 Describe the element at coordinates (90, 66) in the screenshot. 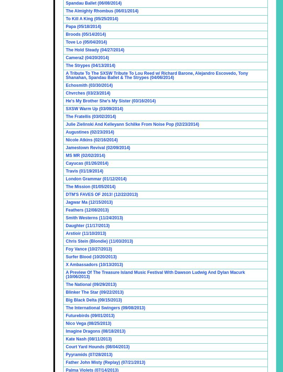

I see `'The Strypes (04/13/2014)'` at that location.